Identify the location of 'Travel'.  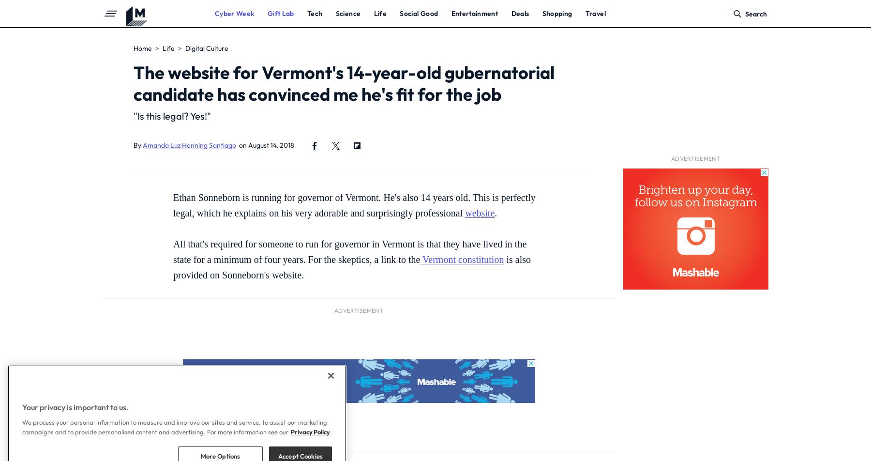
(594, 13).